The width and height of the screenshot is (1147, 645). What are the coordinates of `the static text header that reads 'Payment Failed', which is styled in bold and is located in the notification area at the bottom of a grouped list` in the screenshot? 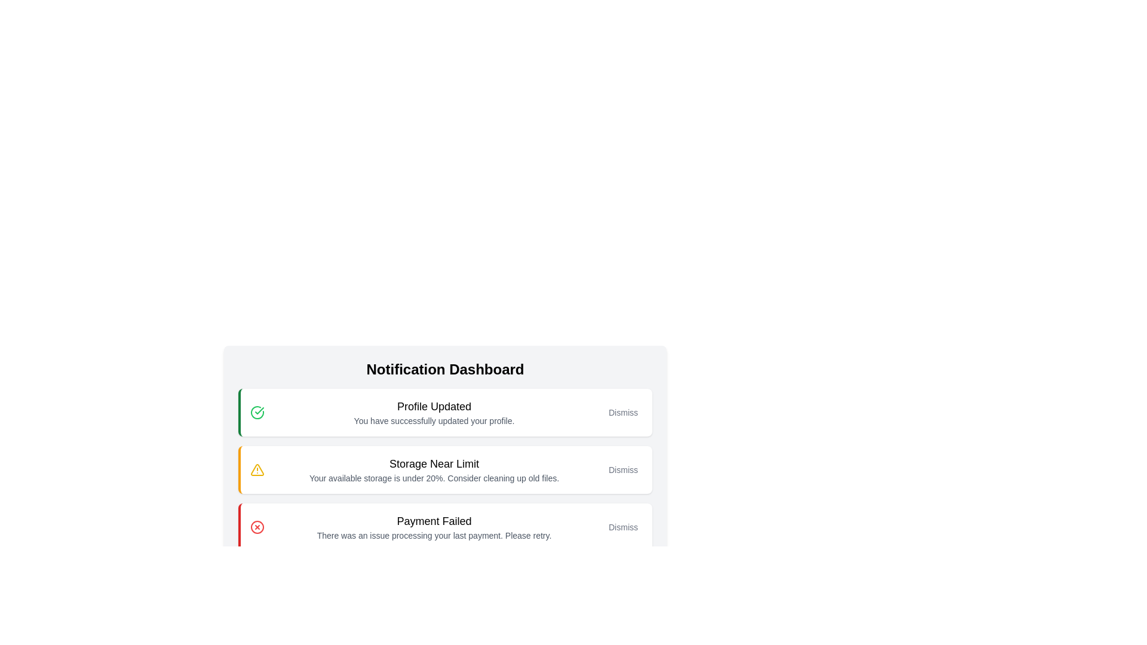 It's located at (433, 520).